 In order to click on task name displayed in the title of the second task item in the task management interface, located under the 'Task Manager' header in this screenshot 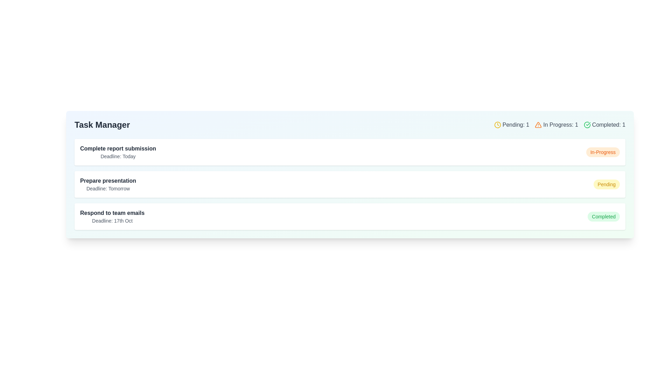, I will do `click(108, 180)`.